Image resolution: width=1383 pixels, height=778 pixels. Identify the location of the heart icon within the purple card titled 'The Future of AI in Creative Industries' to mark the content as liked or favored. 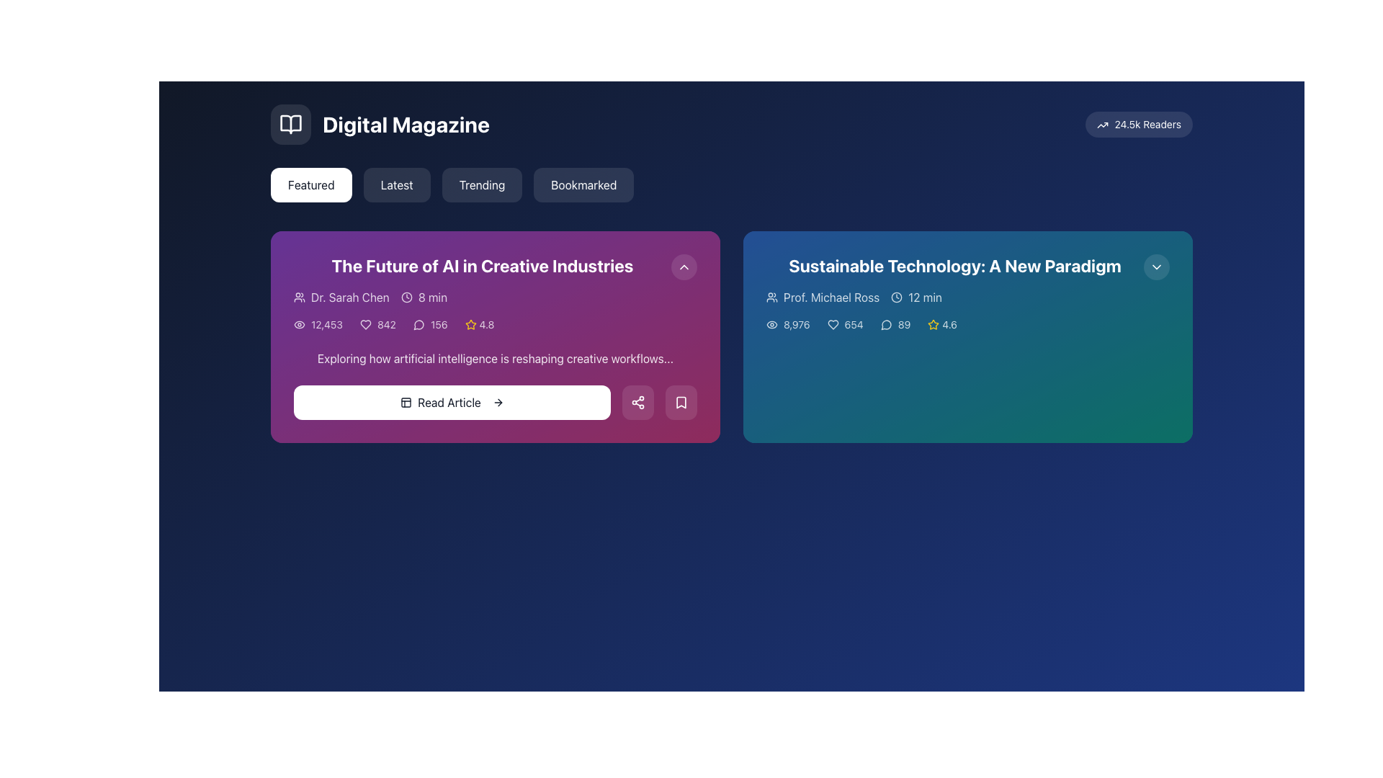
(366, 325).